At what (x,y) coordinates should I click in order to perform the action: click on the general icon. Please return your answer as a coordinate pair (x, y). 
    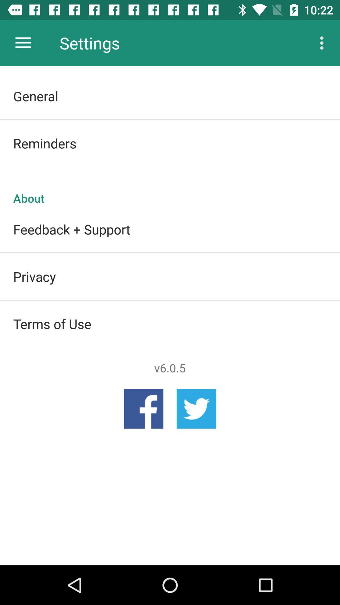
    Looking at the image, I should click on (170, 95).